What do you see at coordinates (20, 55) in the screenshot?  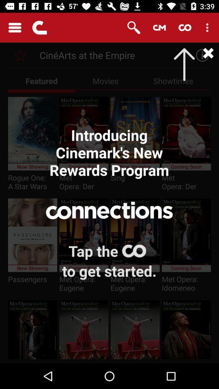 I see `the star icon` at bounding box center [20, 55].